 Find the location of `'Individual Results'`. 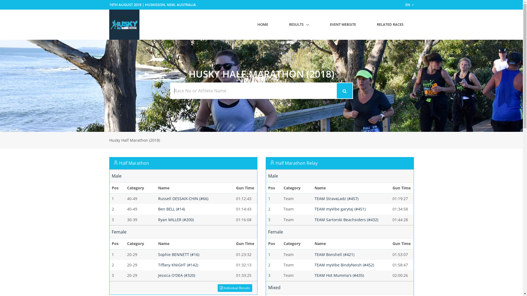

'Individual Results' is located at coordinates (217, 288).